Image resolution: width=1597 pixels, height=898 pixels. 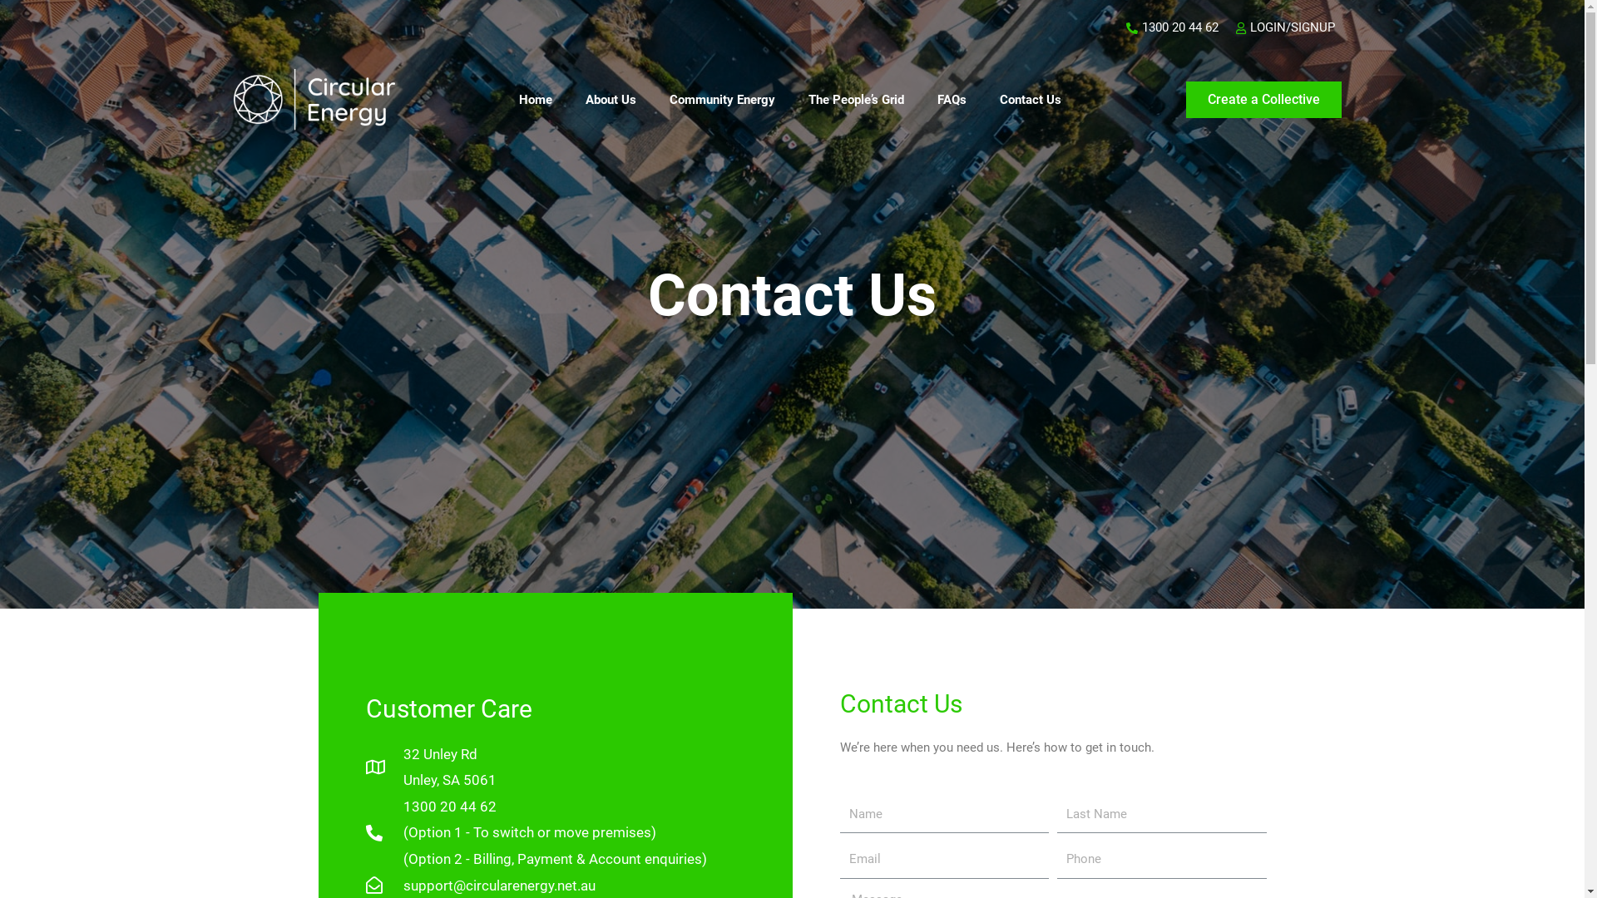 What do you see at coordinates (1029, 99) in the screenshot?
I see `'Contact Us'` at bounding box center [1029, 99].